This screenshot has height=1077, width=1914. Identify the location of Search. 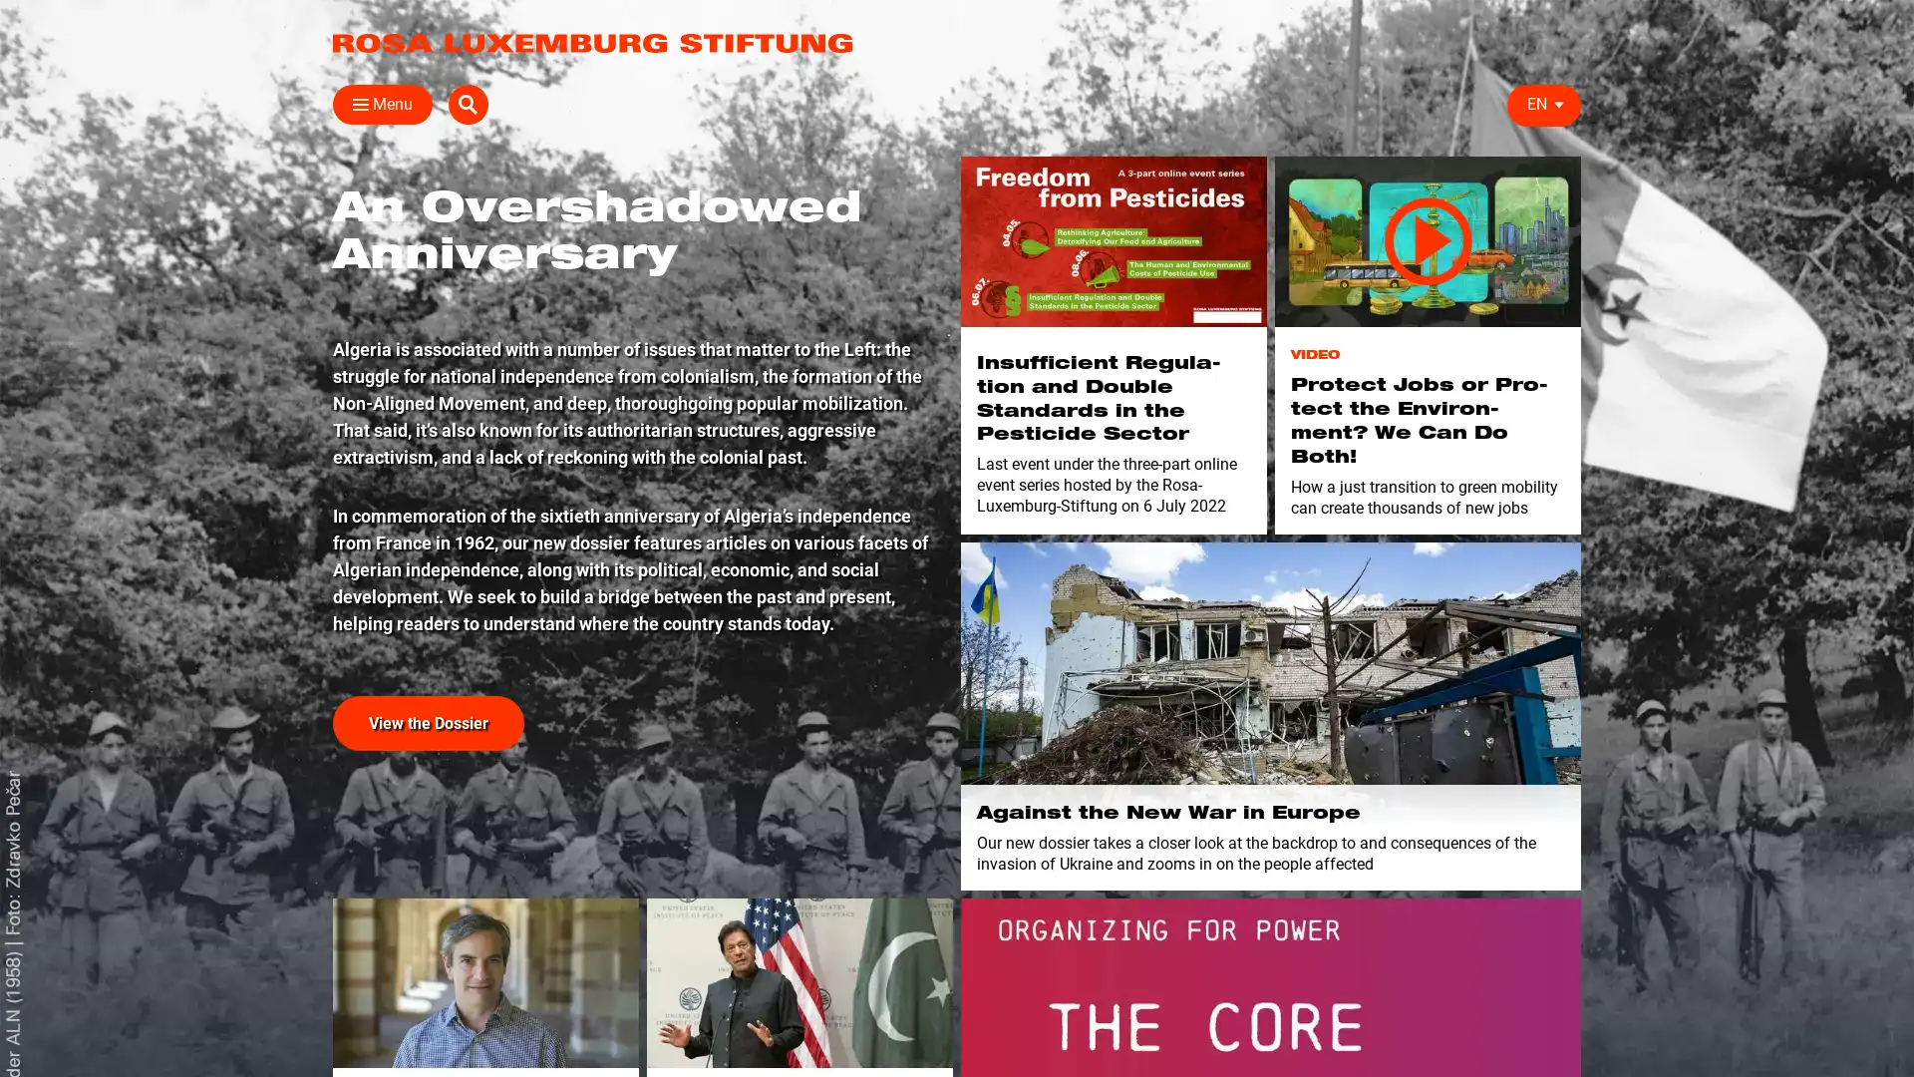
(1559, 104).